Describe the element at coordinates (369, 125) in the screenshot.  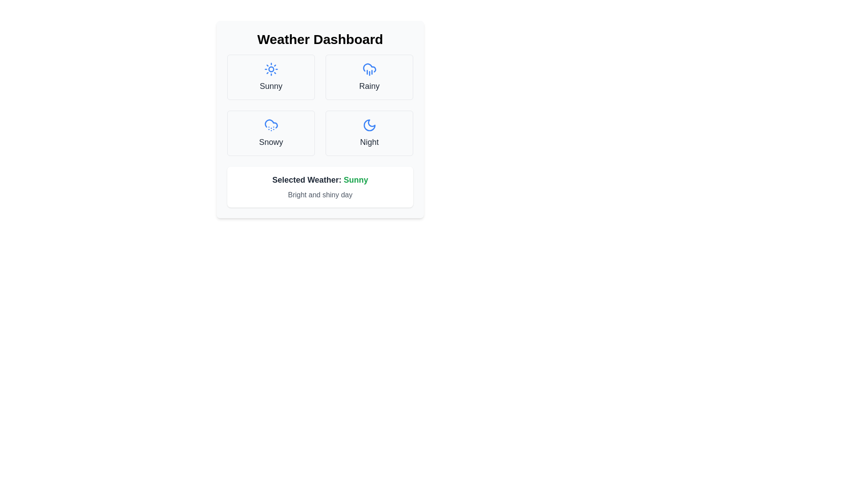
I see `the 'Night' icon in the weather dashboard` at that location.